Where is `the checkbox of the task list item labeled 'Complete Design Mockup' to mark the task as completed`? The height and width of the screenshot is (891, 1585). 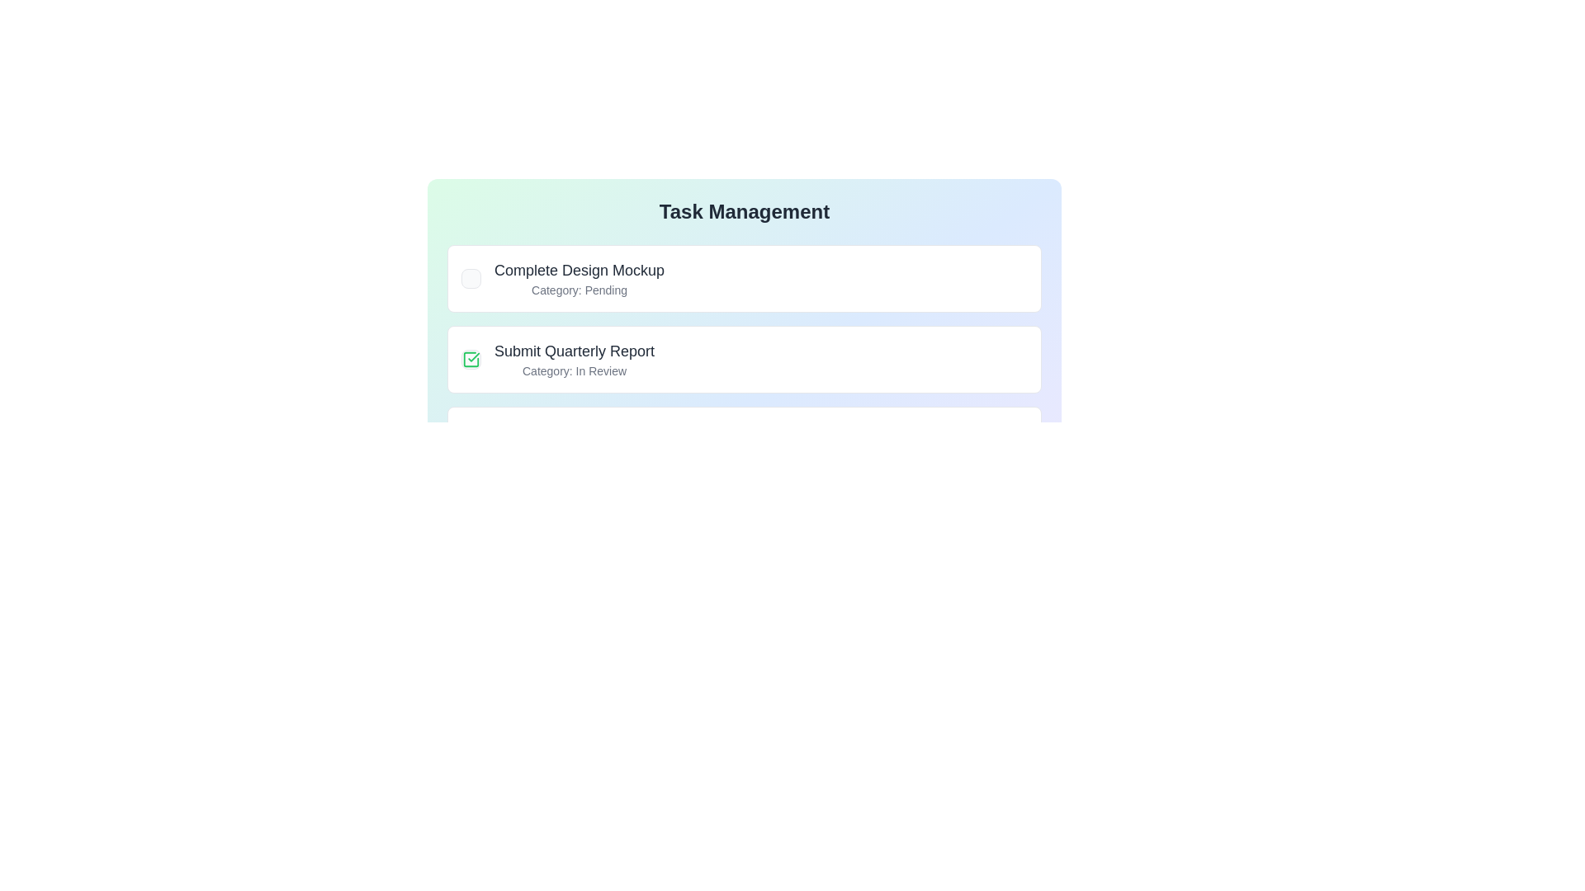
the checkbox of the task list item labeled 'Complete Design Mockup' to mark the task as completed is located at coordinates (562, 278).